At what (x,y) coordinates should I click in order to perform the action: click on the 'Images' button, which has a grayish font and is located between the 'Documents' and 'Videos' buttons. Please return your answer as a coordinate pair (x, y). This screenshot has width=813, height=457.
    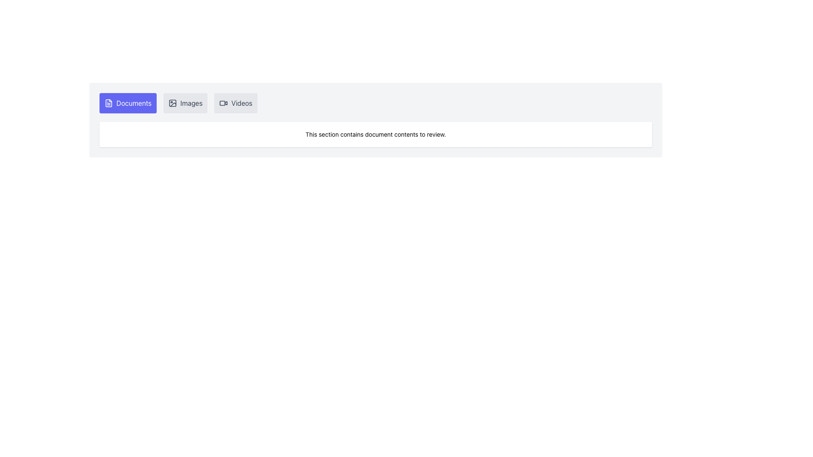
    Looking at the image, I should click on (191, 102).